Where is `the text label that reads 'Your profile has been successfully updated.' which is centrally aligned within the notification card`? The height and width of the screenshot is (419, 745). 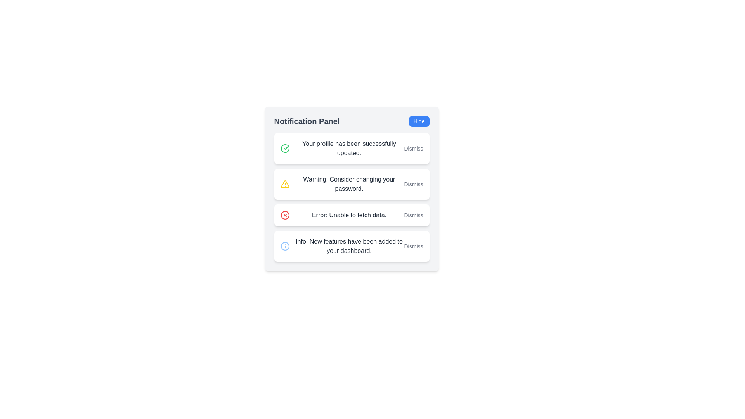 the text label that reads 'Your profile has been successfully updated.' which is centrally aligned within the notification card is located at coordinates (349, 148).